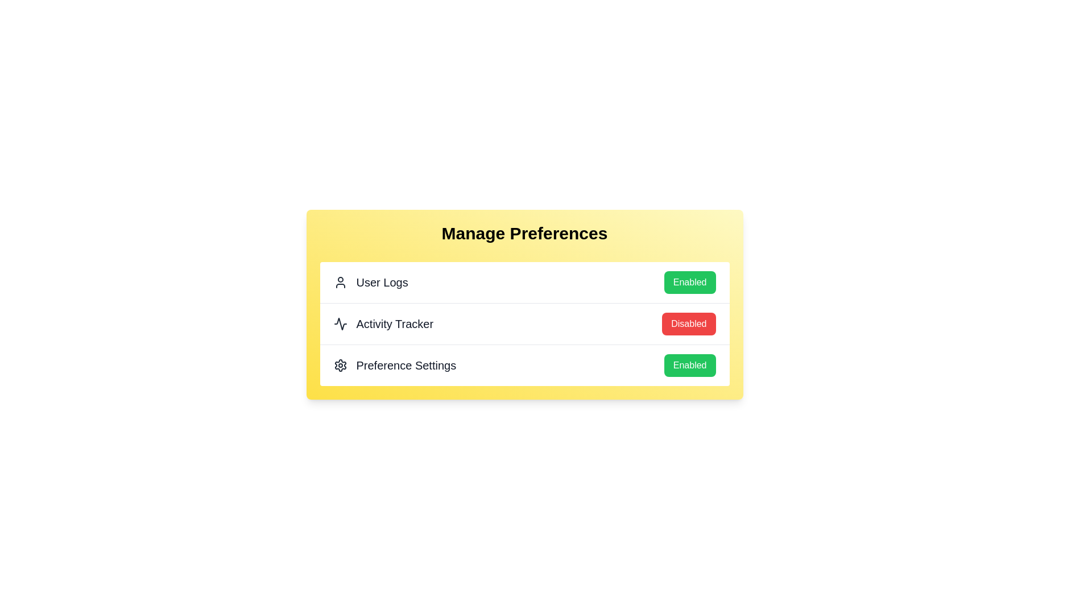 The height and width of the screenshot is (614, 1092). I want to click on the header text 'Manage Preferences', so click(524, 233).